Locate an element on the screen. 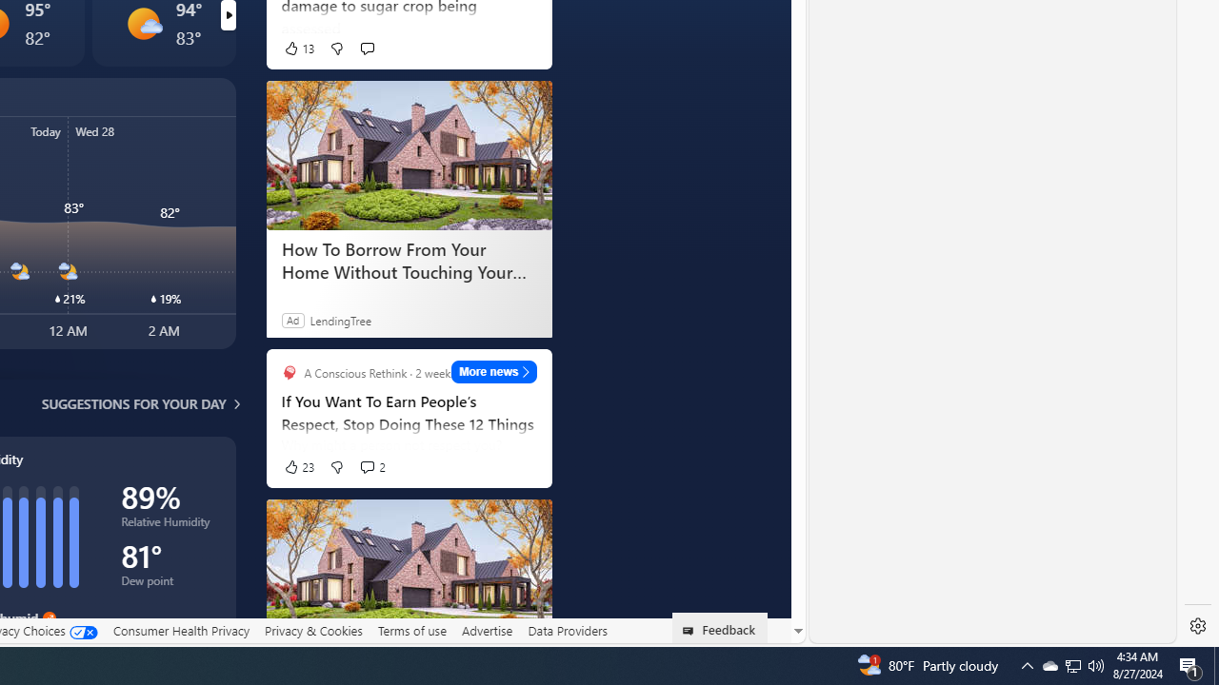 Image resolution: width=1219 pixels, height=685 pixels. 'Class: feedback_link_icon-DS-EntryPoint1-1' is located at coordinates (691, 631).